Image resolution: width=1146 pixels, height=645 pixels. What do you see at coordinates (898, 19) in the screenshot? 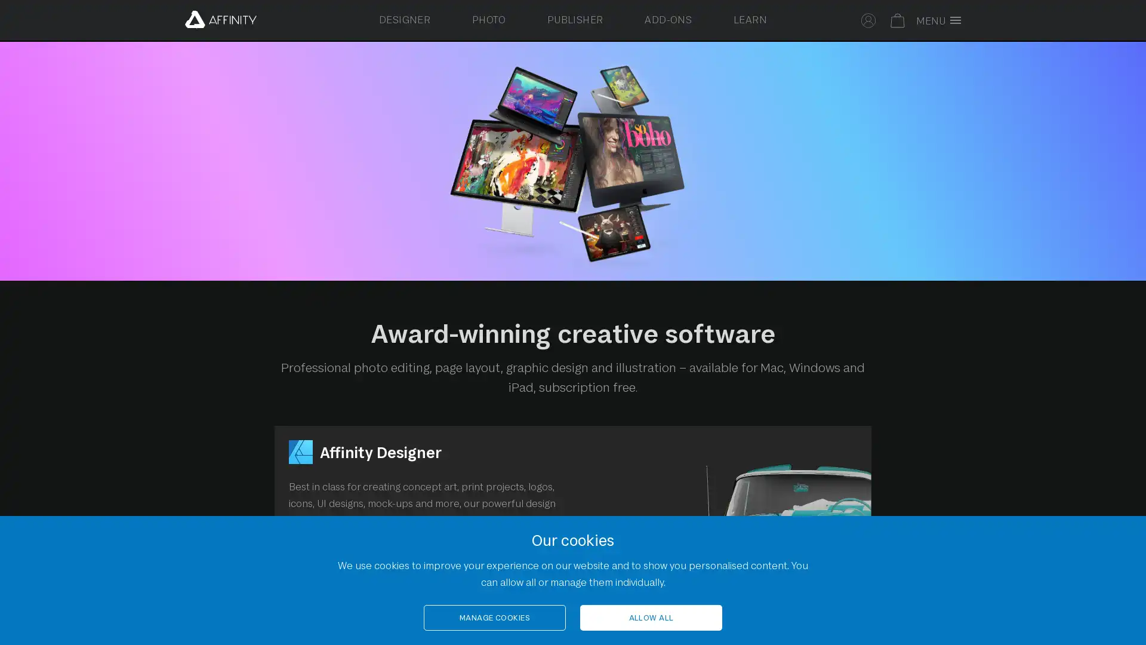
I see `Your basket is empty. Select to toggle basket.` at bounding box center [898, 19].